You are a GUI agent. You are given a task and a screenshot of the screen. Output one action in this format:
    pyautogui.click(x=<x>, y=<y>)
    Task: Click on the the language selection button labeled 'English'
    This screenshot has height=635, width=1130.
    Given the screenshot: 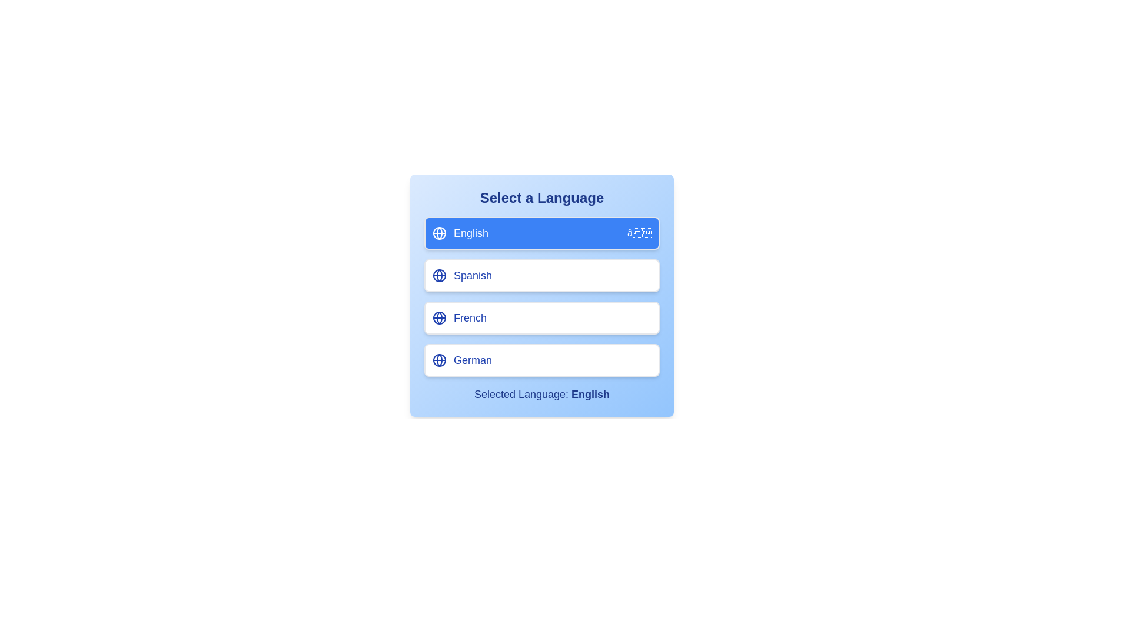 What is the action you would take?
    pyautogui.click(x=541, y=233)
    